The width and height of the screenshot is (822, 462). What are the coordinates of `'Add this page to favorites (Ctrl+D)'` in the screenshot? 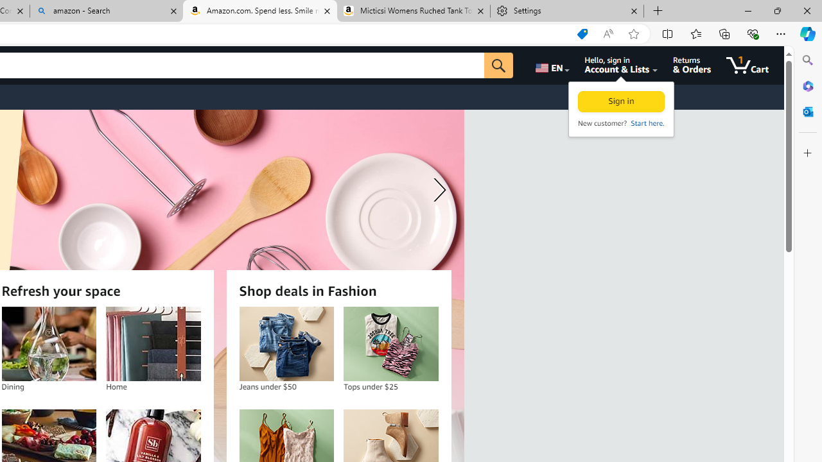 It's located at (633, 33).